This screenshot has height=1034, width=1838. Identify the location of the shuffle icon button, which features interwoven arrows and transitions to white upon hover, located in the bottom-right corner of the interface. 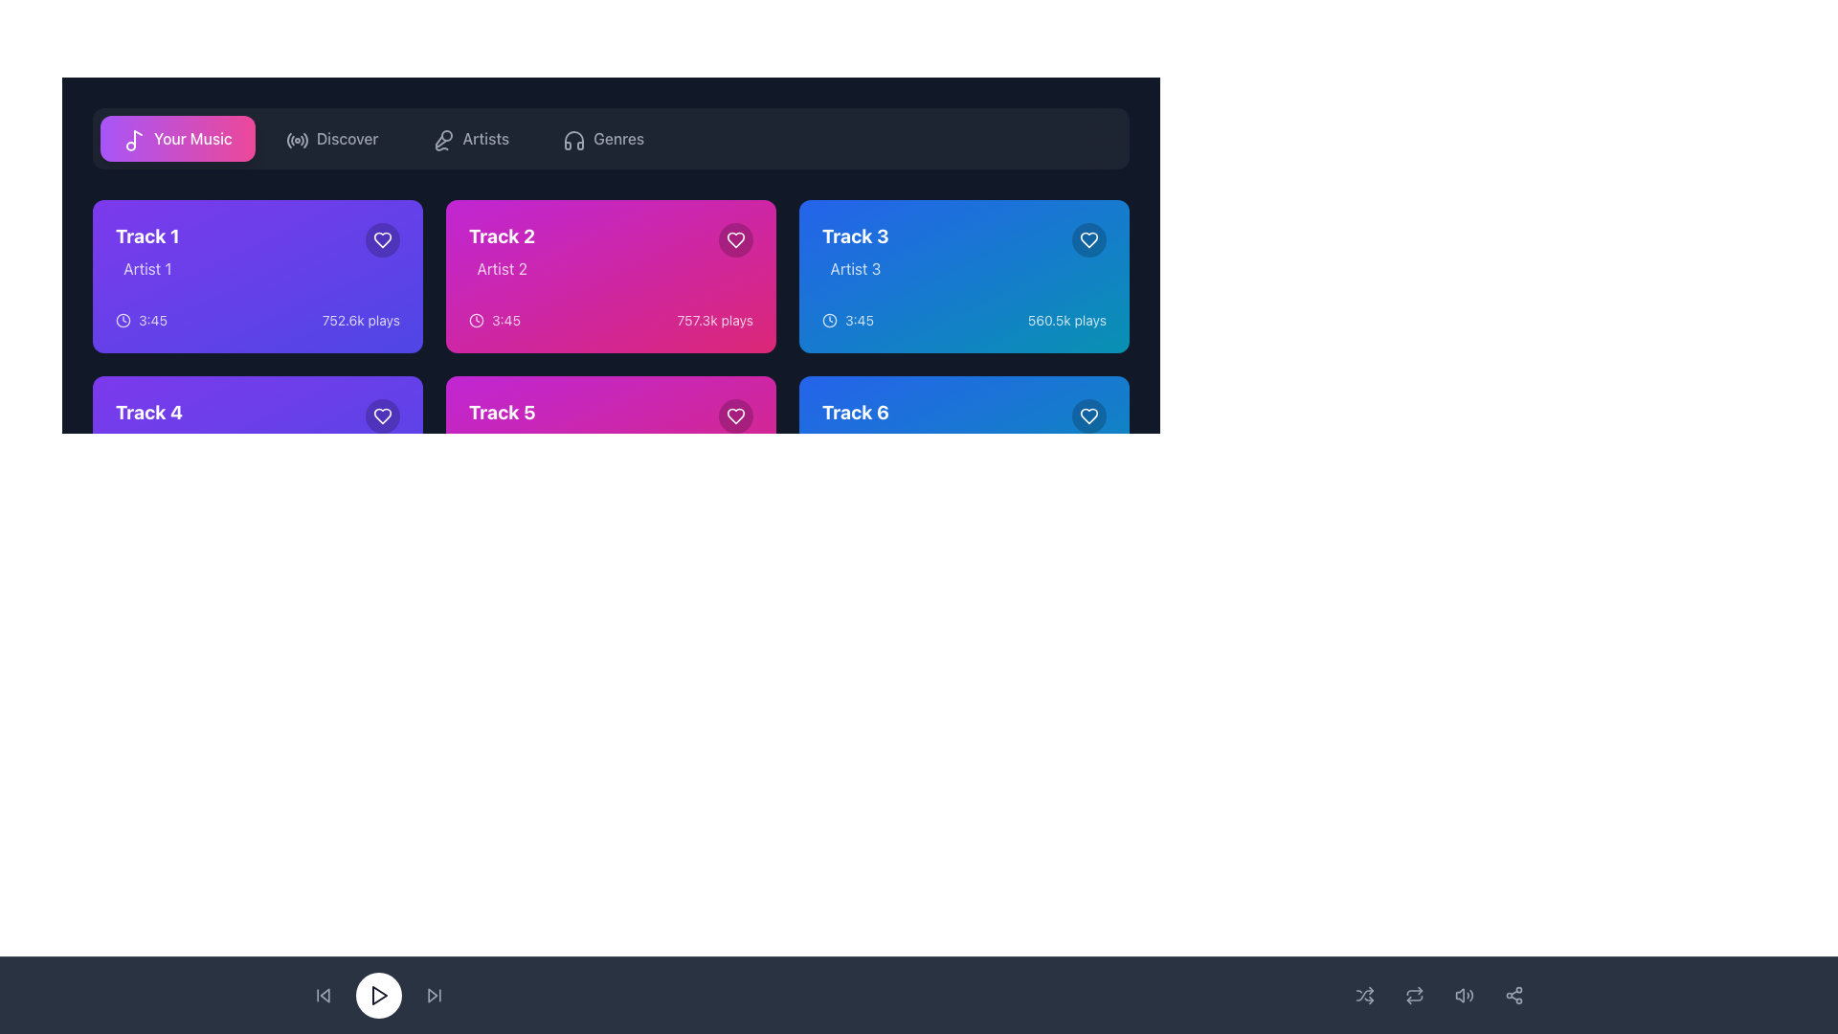
(1363, 995).